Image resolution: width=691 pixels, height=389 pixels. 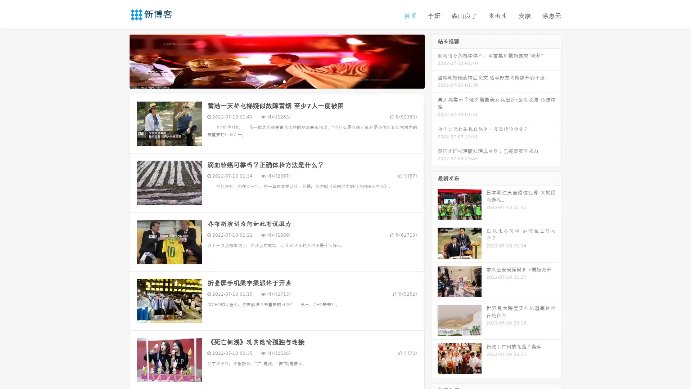 I want to click on Go to slide 1, so click(x=269, y=81).